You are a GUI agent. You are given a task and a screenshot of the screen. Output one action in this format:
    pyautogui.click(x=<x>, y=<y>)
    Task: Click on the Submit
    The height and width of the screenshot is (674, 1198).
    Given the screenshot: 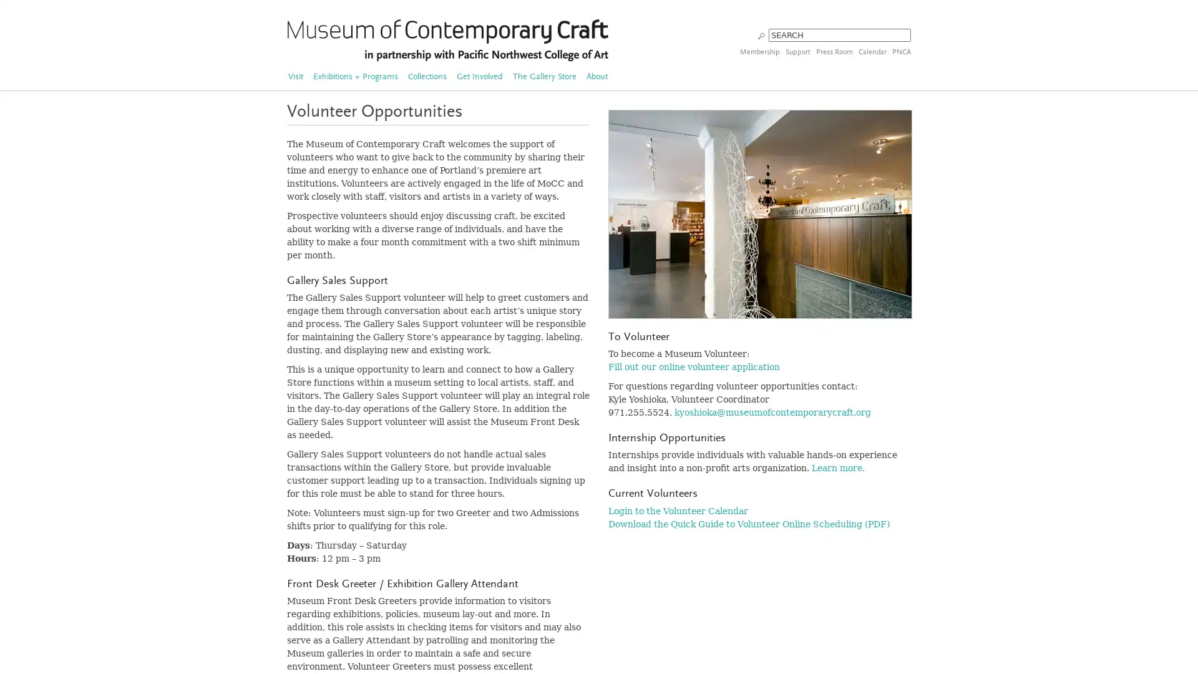 What is the action you would take?
    pyautogui.click(x=761, y=34)
    